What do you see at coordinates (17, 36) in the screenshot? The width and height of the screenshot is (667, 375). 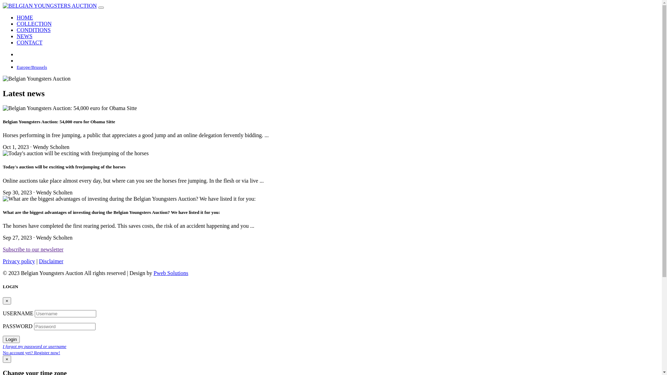 I see `'NEWS'` at bounding box center [17, 36].